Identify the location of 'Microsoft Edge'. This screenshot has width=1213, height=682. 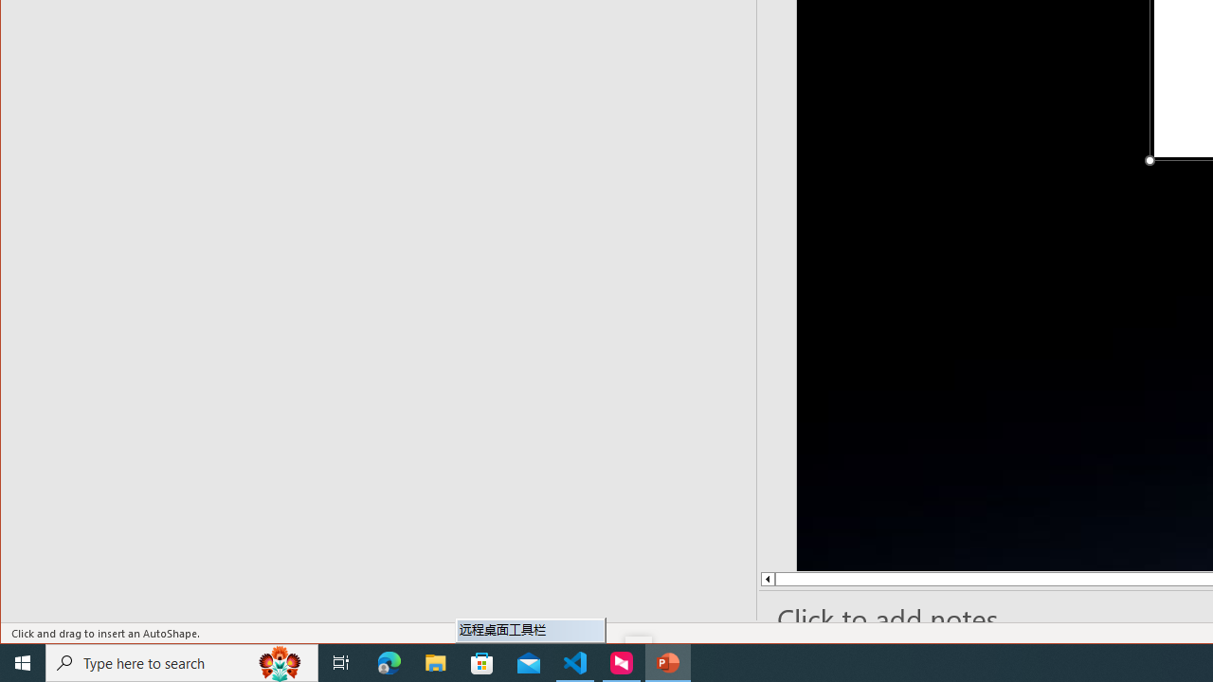
(389, 661).